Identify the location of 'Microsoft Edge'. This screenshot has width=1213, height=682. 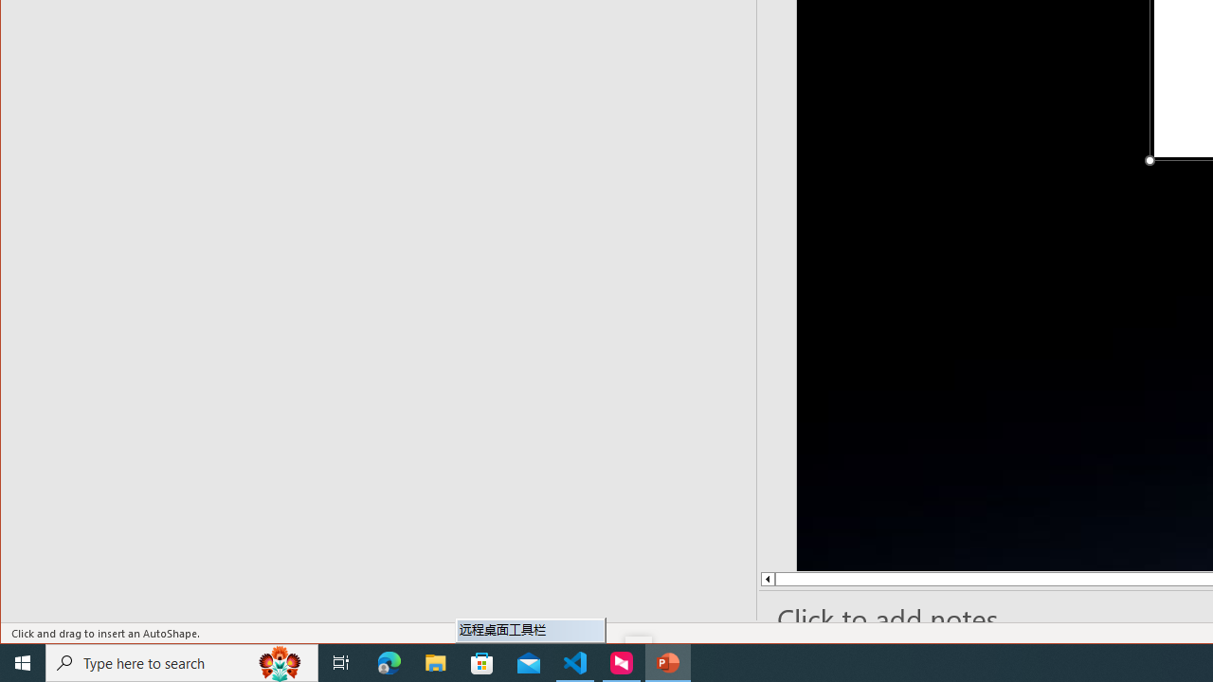
(389, 661).